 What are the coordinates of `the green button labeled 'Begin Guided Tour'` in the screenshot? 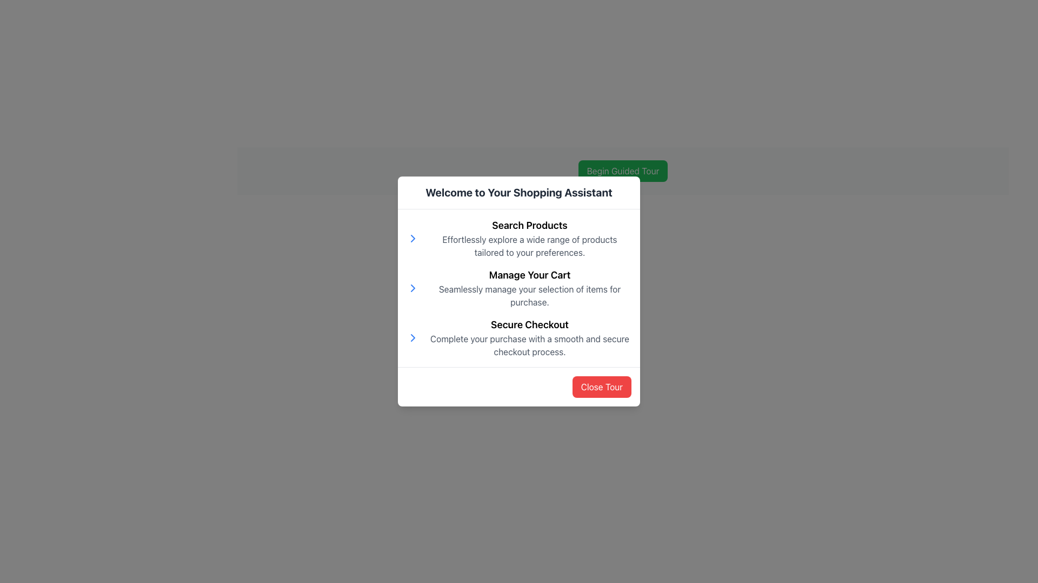 It's located at (623, 170).